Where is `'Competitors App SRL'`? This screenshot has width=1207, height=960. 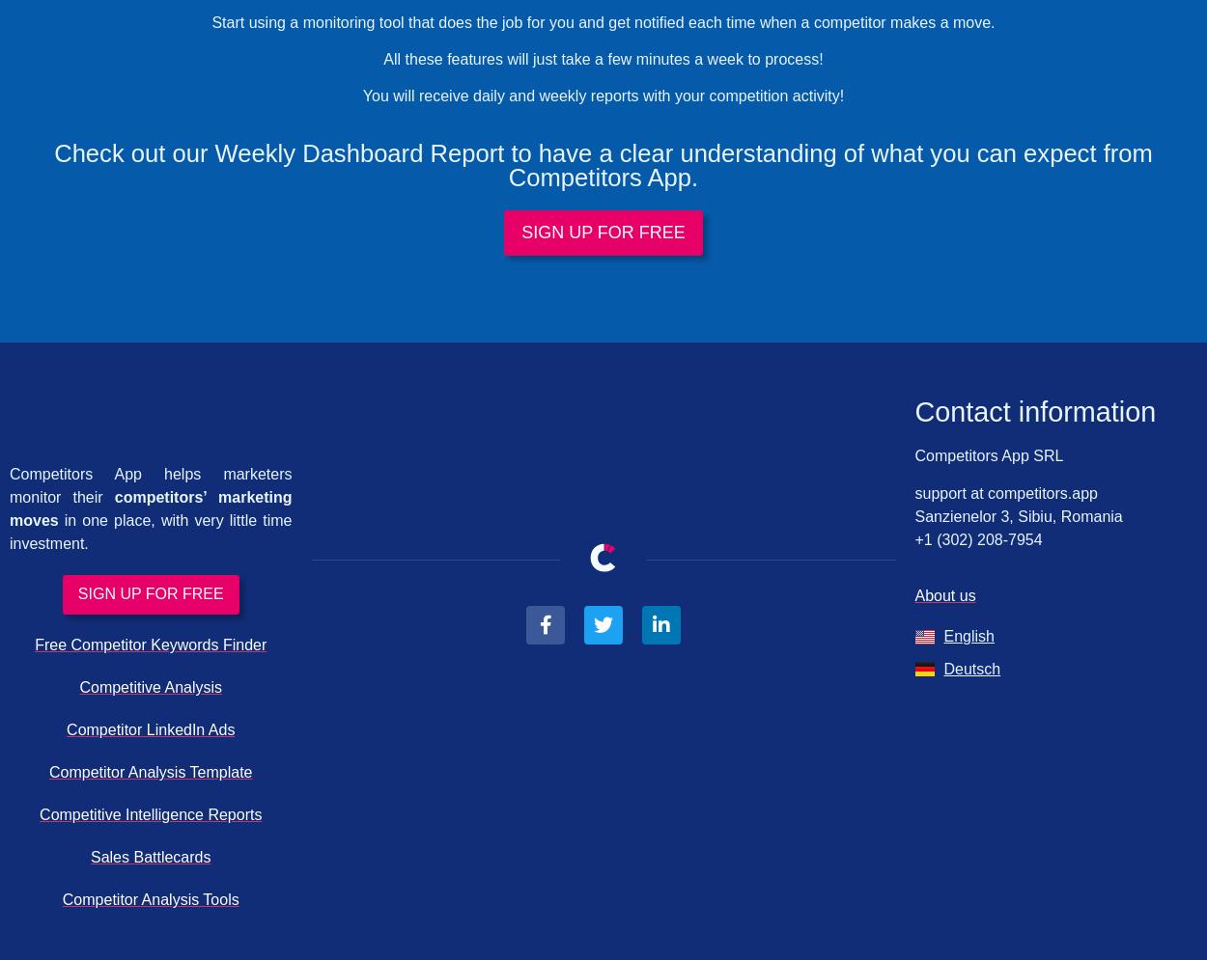 'Competitors App SRL' is located at coordinates (989, 455).